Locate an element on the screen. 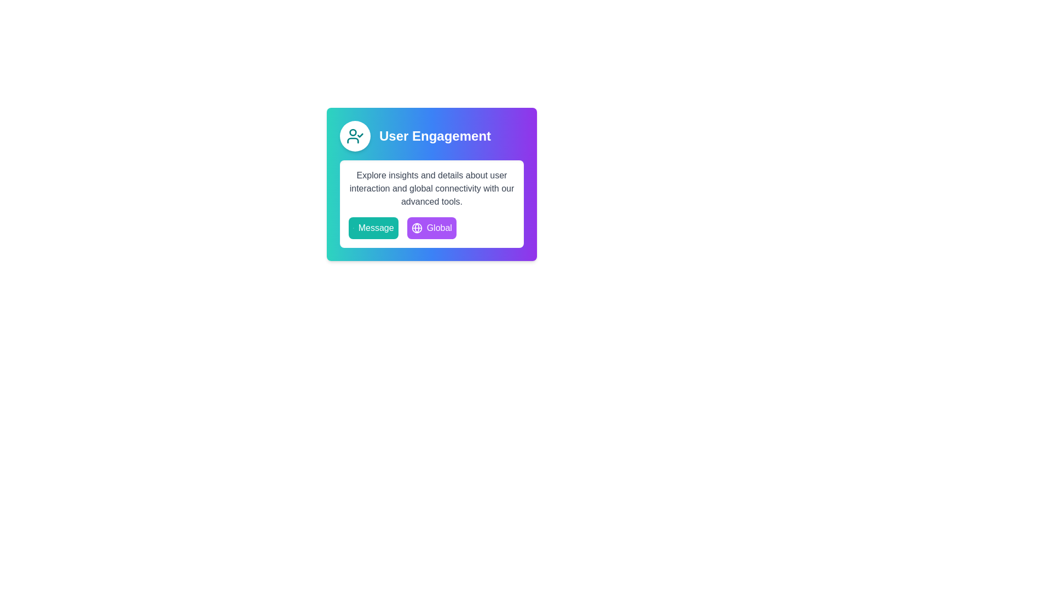 This screenshot has width=1051, height=591. the globe-like icon with a circular outline and longitudinal and latitudinal lines, which is positioned to the left of the text 'Global' in the Global button is located at coordinates (416, 227).